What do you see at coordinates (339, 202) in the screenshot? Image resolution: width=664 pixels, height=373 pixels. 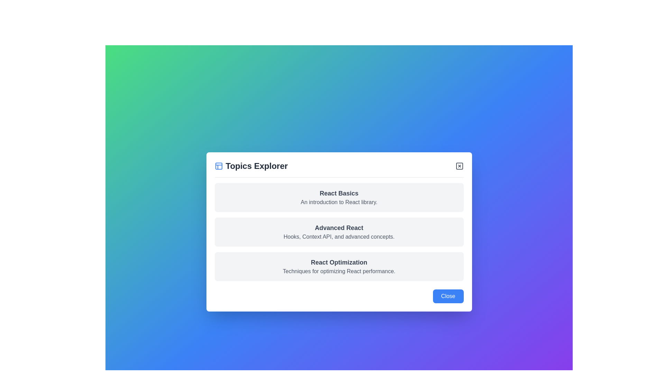 I see `text element that serves as a brief description or subtitle for the topic 'React Basics', positioned beneath the heading in the modal interface` at bounding box center [339, 202].